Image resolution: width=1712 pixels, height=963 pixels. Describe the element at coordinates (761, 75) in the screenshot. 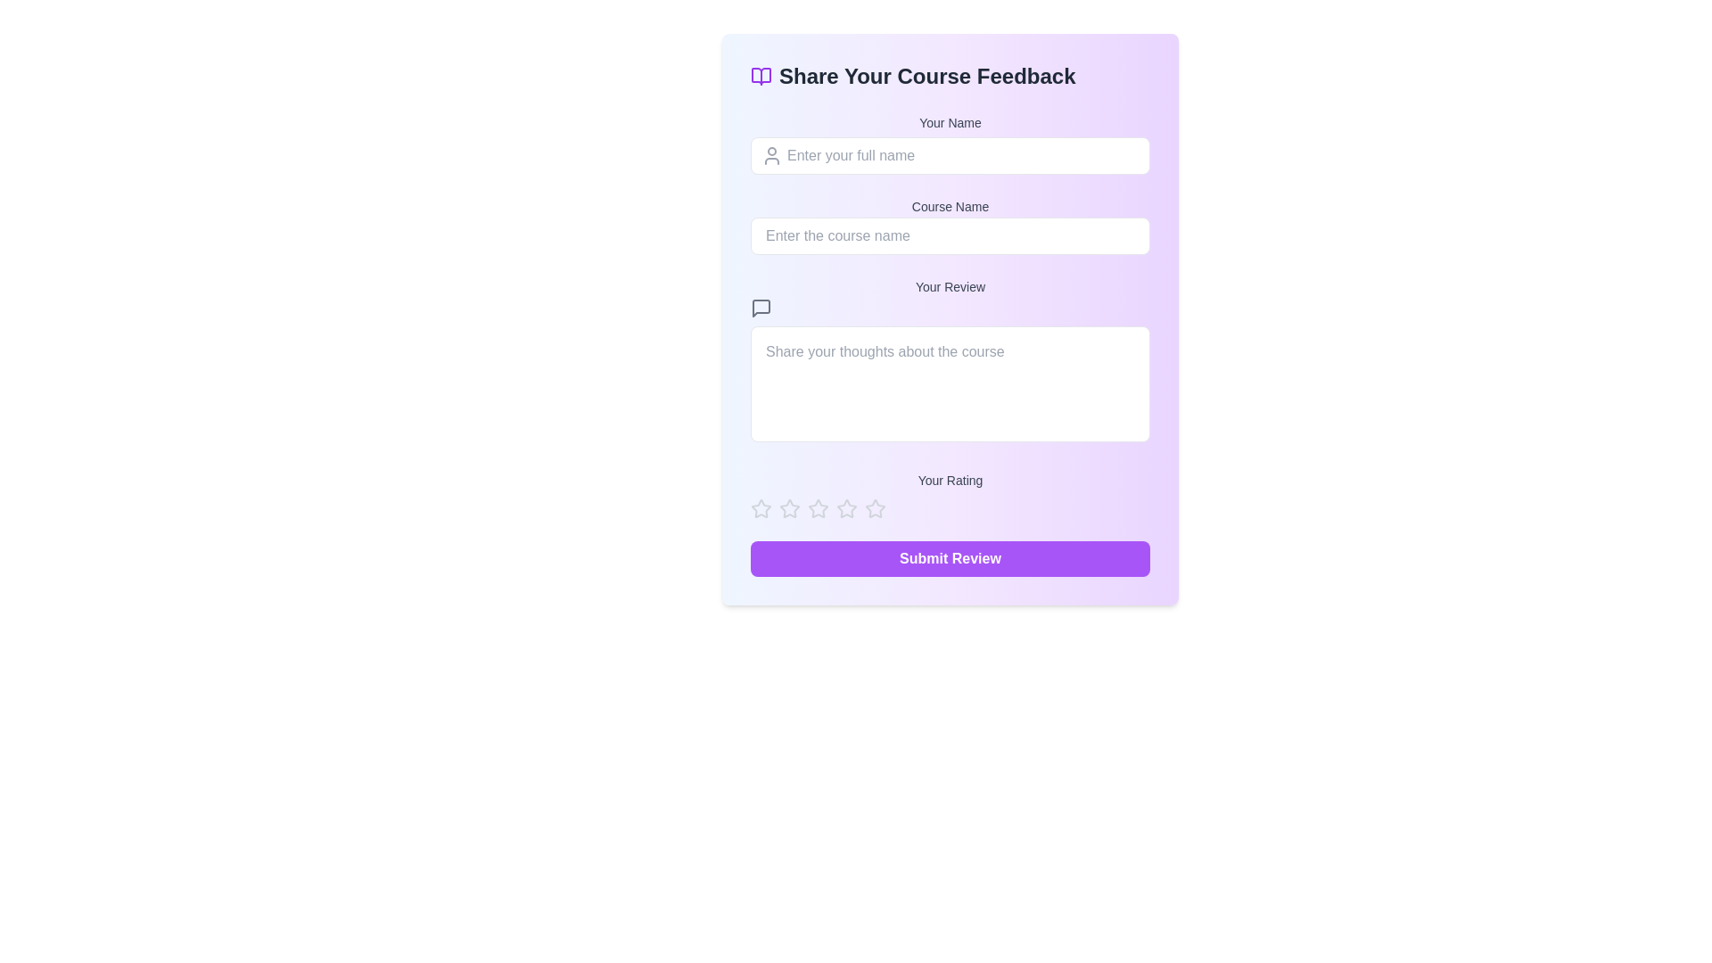

I see `the decorative icon located in the header section to the left of the title 'Share Your Course Feedback'` at that location.